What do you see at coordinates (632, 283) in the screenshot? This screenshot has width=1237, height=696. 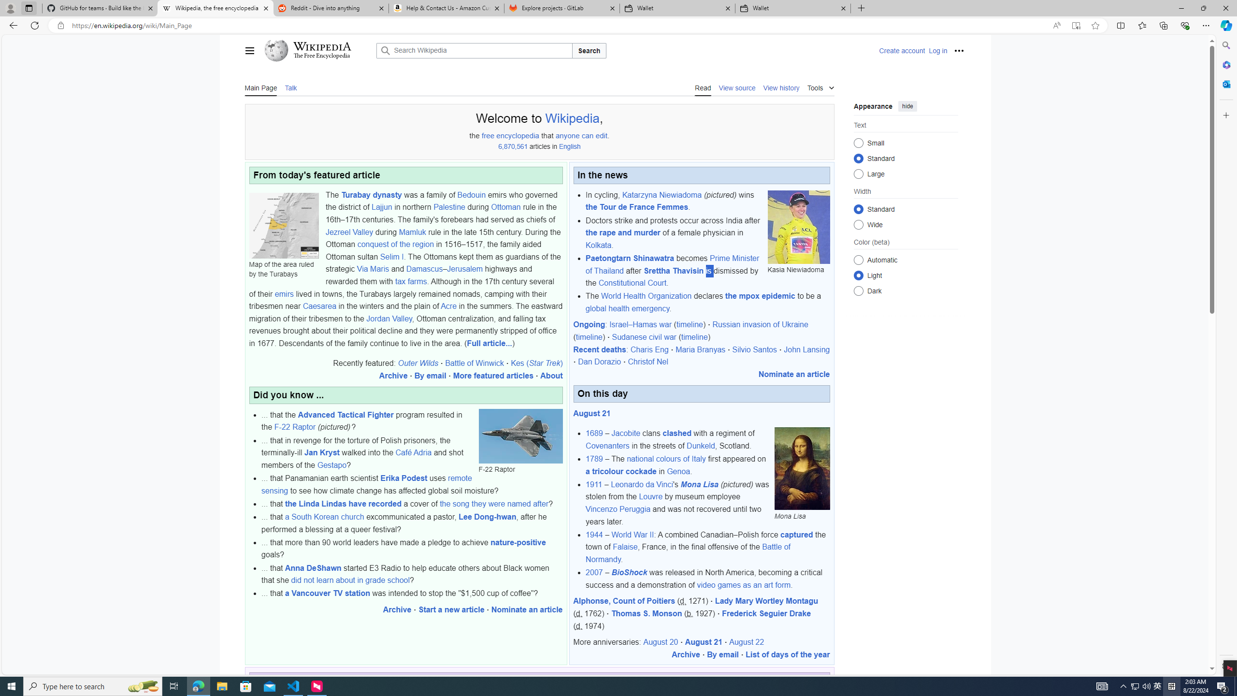 I see `'Constitutional Court'` at bounding box center [632, 283].